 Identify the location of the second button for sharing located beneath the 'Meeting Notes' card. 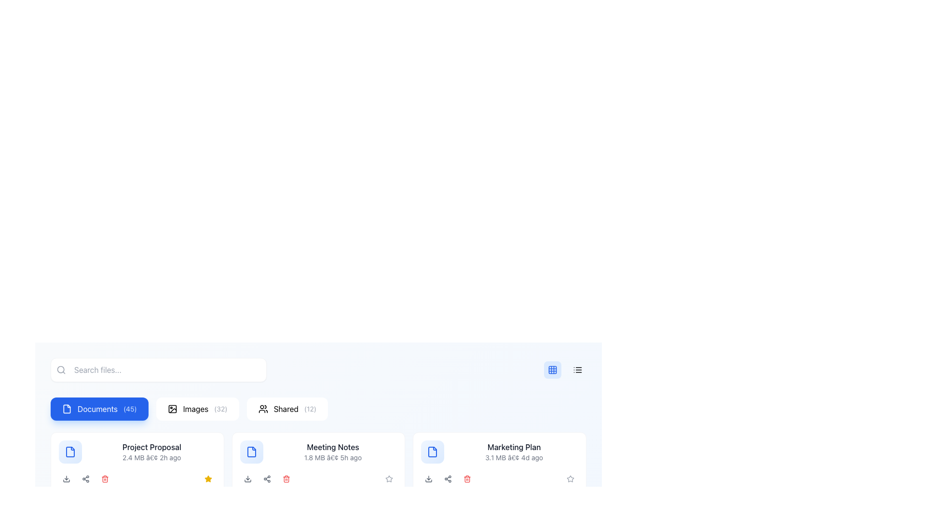
(267, 479).